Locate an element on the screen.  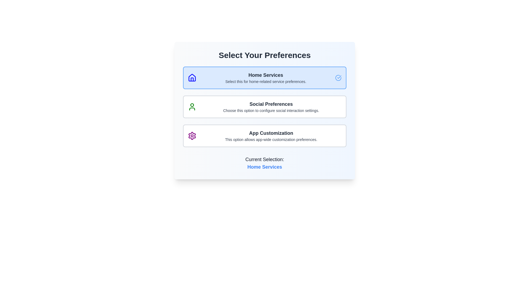
the header text indicating the purpose of the selection module for configuring social interaction settings, which is centrally aligned in the 'Select Your Preferences' interface is located at coordinates (271, 104).